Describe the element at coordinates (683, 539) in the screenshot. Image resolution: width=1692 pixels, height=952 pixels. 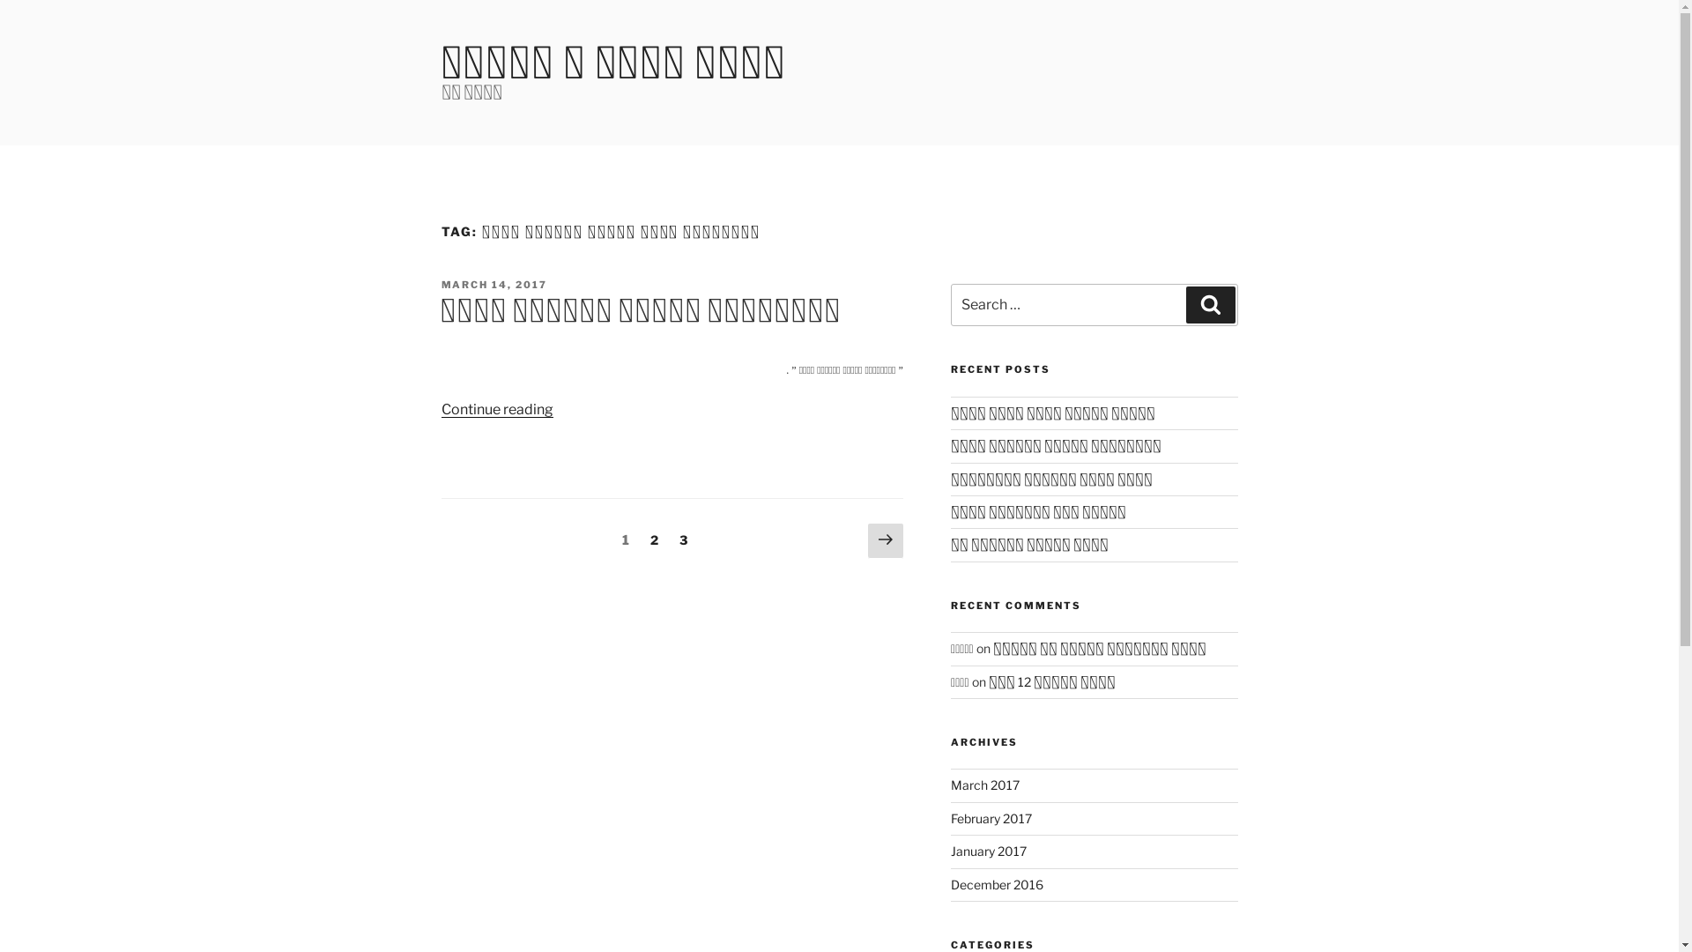
I see `'Page` at that location.